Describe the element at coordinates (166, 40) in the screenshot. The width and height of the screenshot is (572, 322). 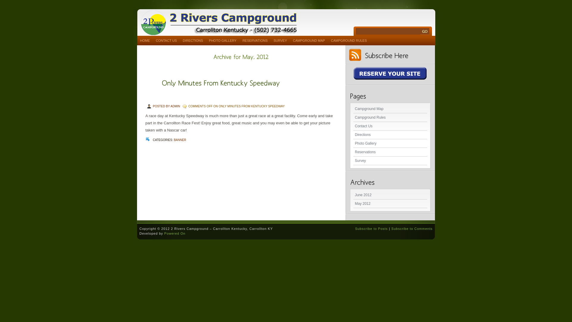
I see `'CONTACT US'` at that location.